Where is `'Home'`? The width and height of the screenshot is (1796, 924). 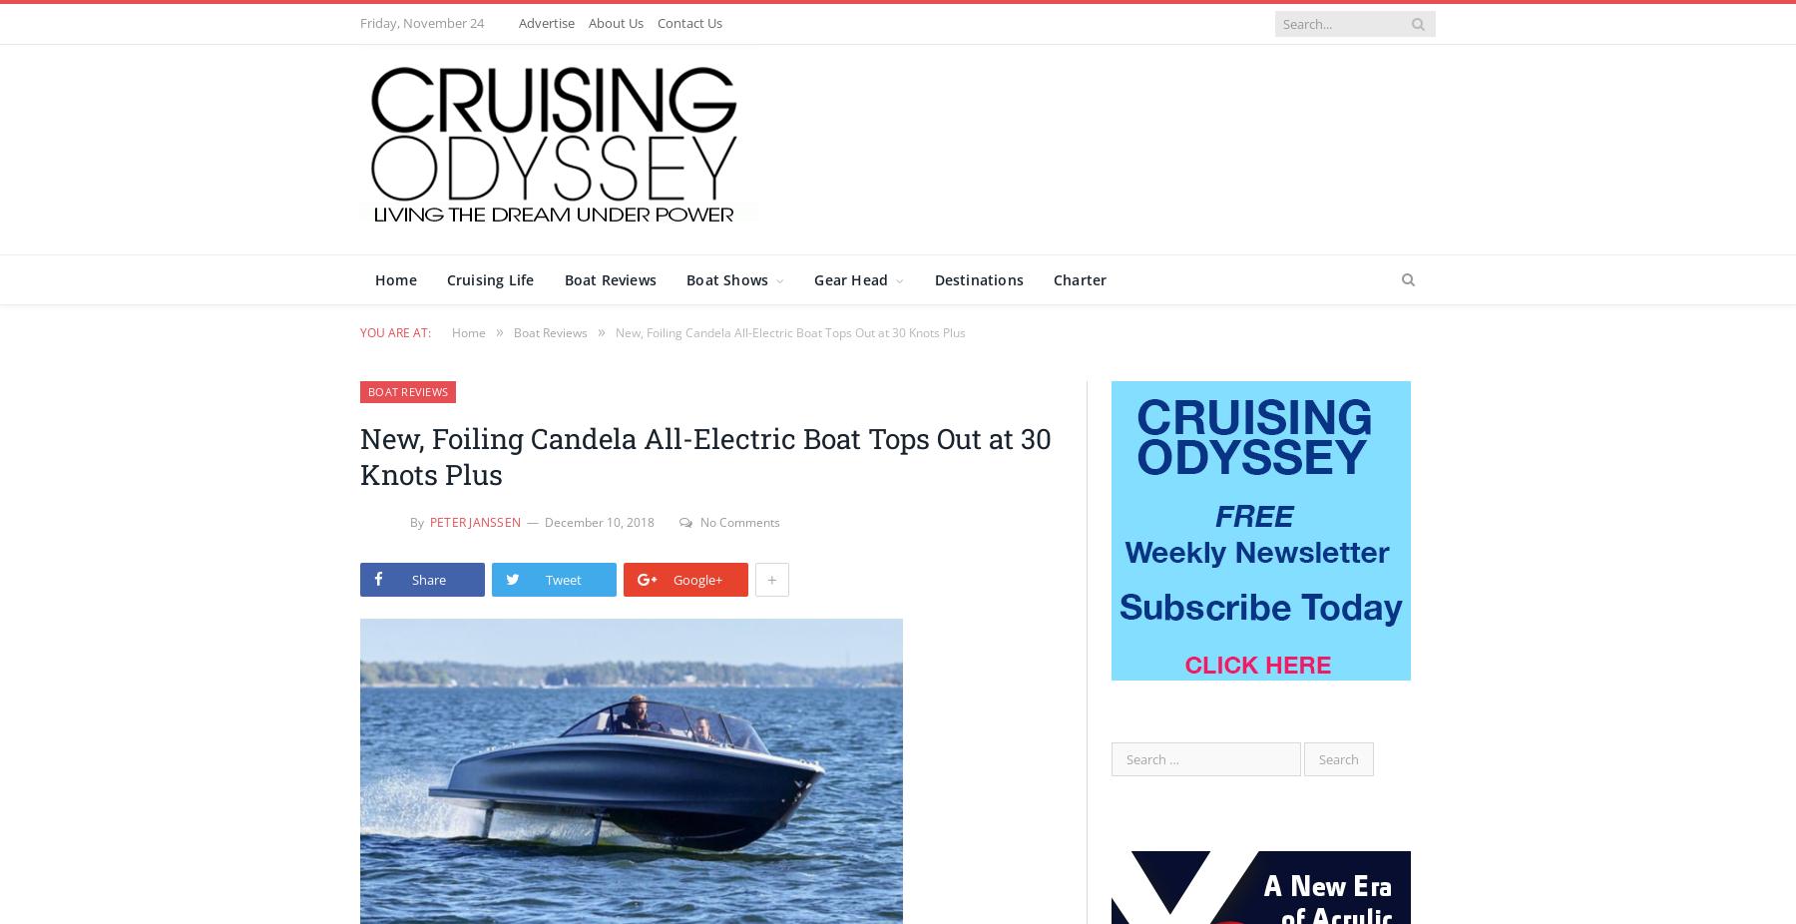 'Home' is located at coordinates (467, 332).